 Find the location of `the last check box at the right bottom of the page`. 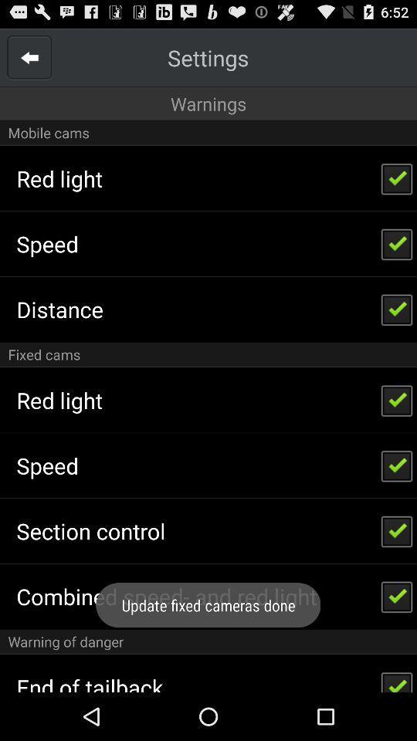

the last check box at the right bottom of the page is located at coordinates (397, 677).